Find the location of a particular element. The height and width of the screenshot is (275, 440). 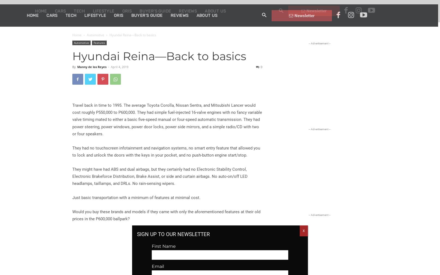

'Home' is located at coordinates (76, 35).